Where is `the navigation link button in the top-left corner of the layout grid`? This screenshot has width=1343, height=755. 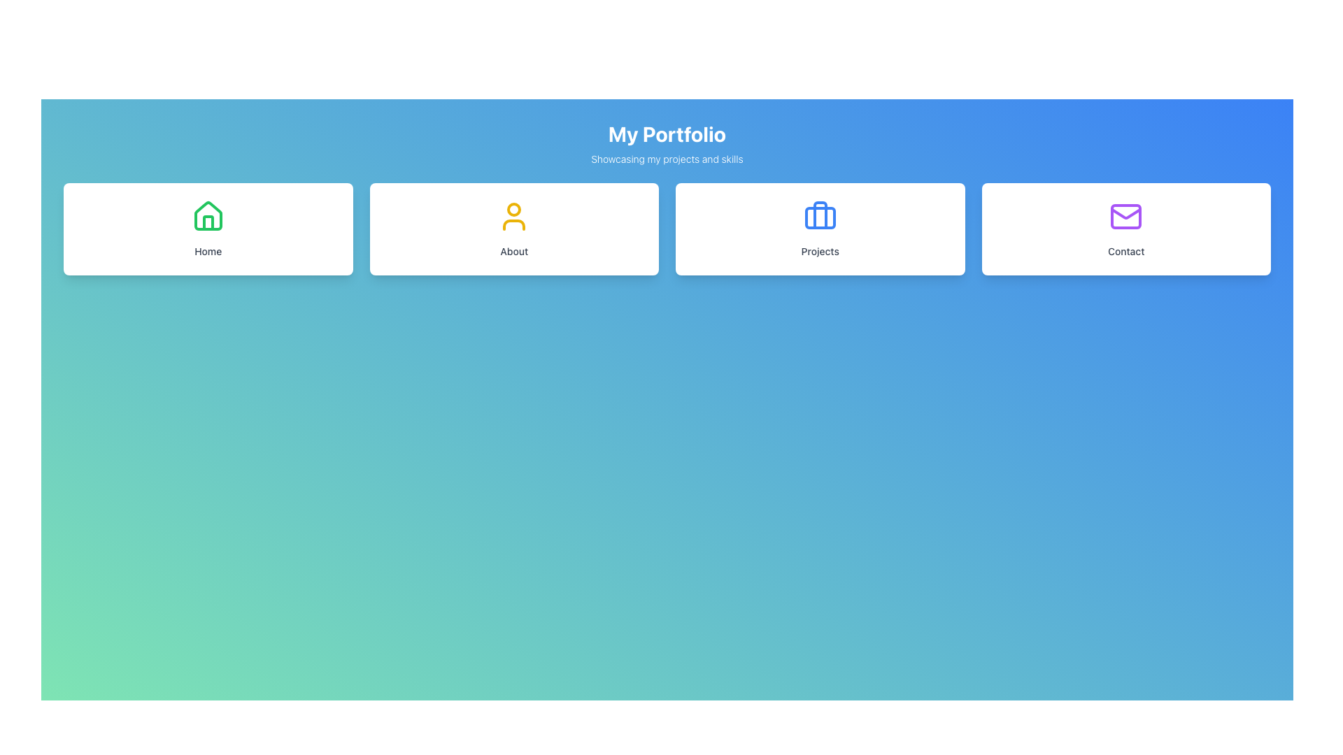 the navigation link button in the top-left corner of the layout grid is located at coordinates (207, 228).